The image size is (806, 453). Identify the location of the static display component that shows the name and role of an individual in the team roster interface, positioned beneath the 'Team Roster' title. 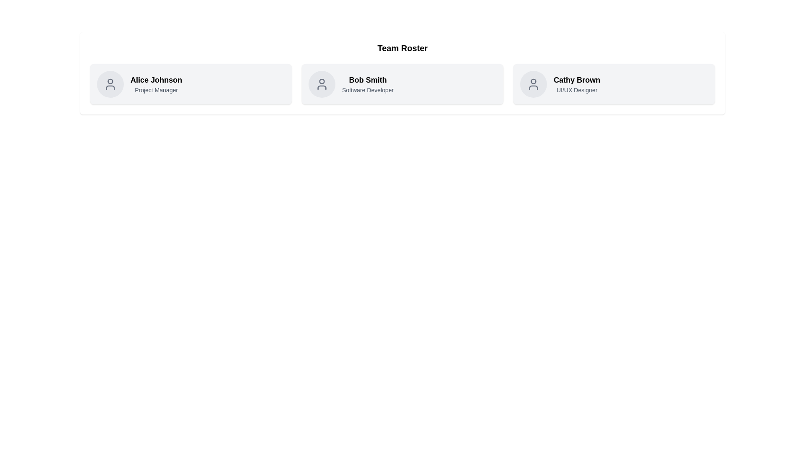
(368, 84).